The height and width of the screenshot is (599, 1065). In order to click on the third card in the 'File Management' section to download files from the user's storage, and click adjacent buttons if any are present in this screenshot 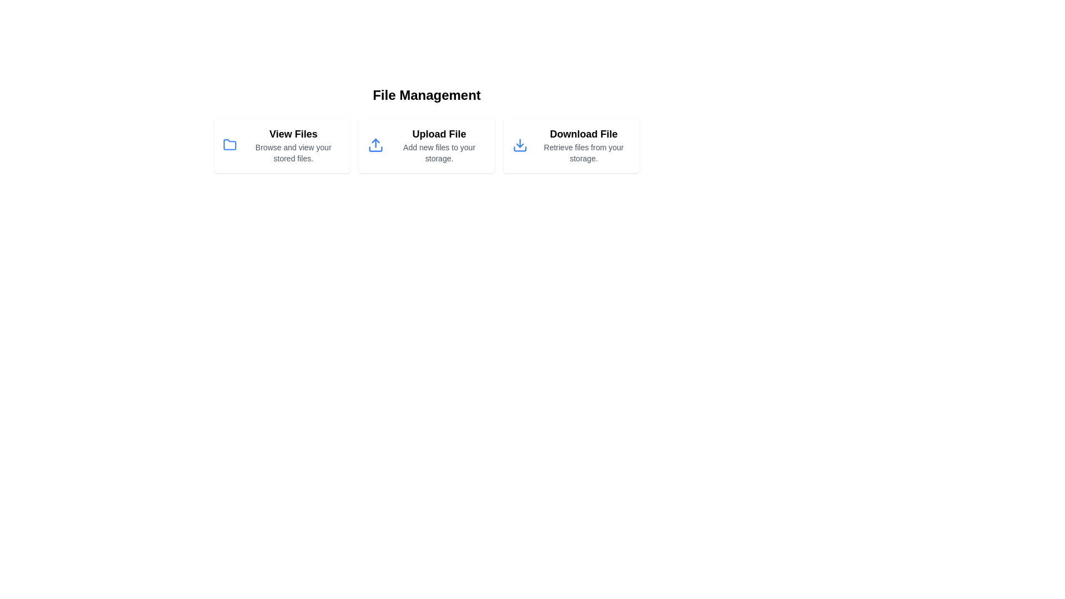, I will do `click(583, 145)`.